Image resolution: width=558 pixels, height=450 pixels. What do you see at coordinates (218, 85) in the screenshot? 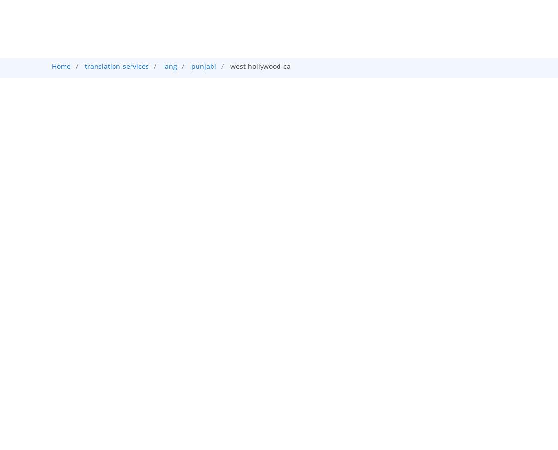
I see `'Audio'` at bounding box center [218, 85].